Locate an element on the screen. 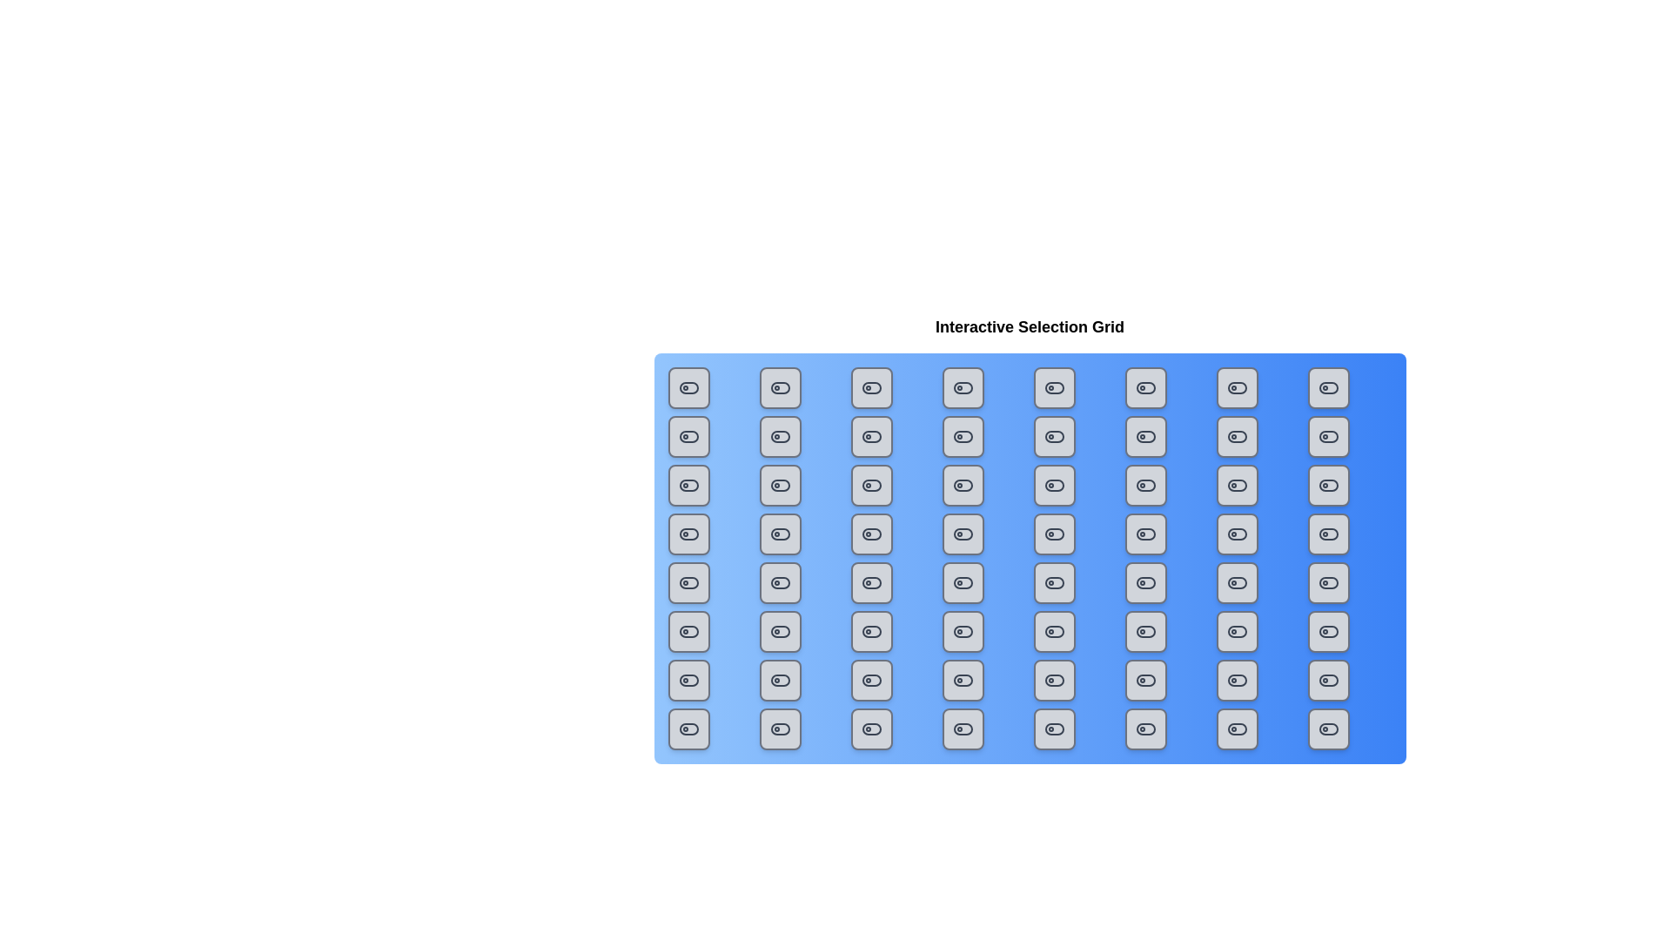  the header text 'Interactive Selection Grid' to highlight or copy it is located at coordinates (1030, 326).